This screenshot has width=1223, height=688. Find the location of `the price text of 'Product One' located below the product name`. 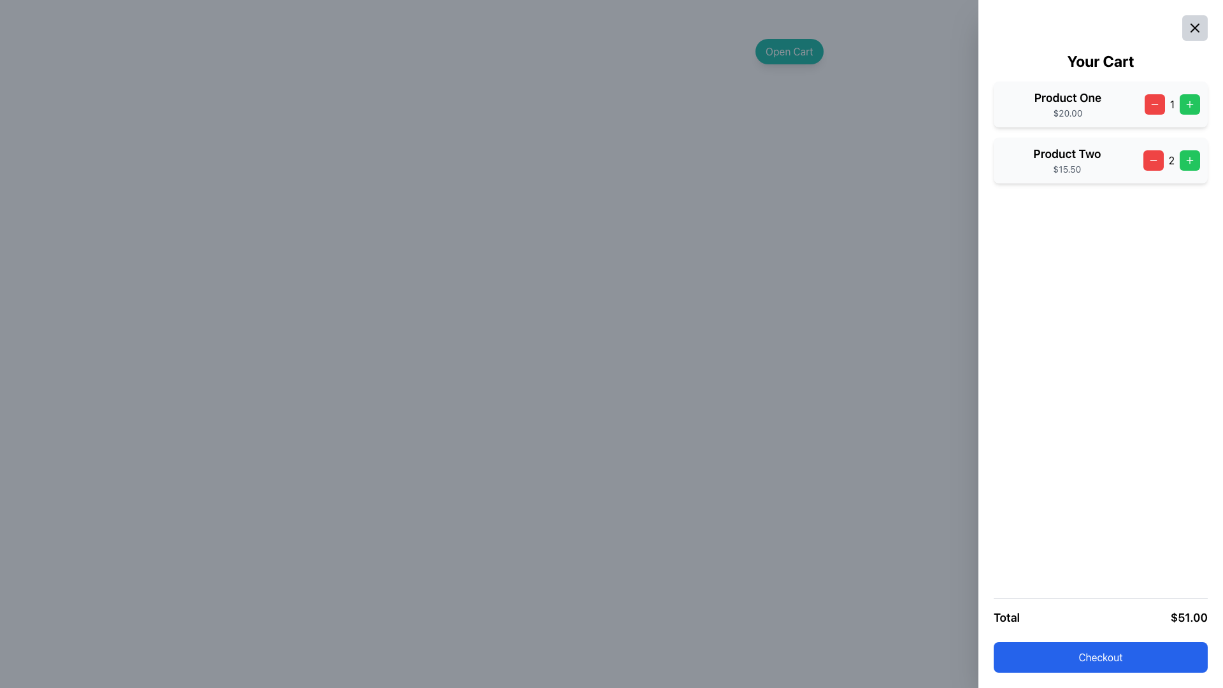

the price text of 'Product One' located below the product name is located at coordinates (1067, 112).